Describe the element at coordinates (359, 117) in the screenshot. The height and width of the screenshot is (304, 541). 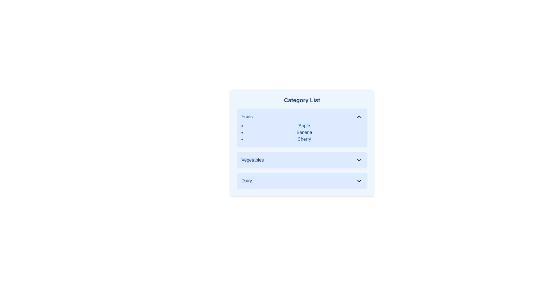
I see `the chevron/arrow icon located to the far right of the 'Fruits' text in the 'Category List' section` at that location.